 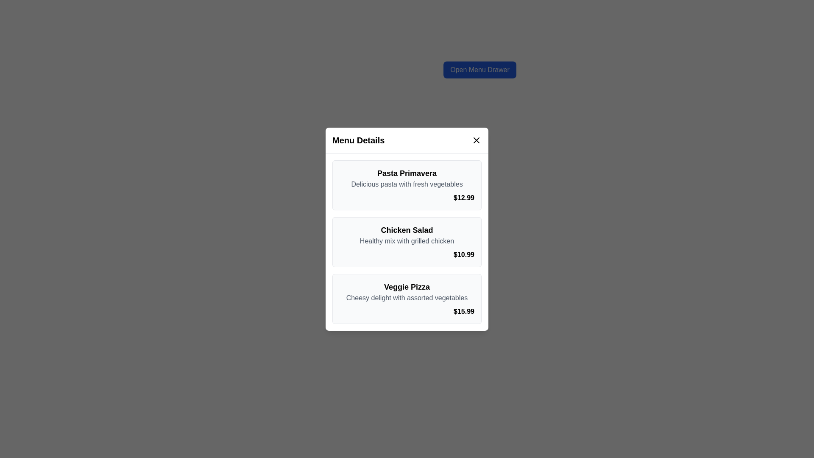 What do you see at coordinates (476, 140) in the screenshot?
I see `the Close button located in the top-right corner of the 'Menu Details' modal` at bounding box center [476, 140].